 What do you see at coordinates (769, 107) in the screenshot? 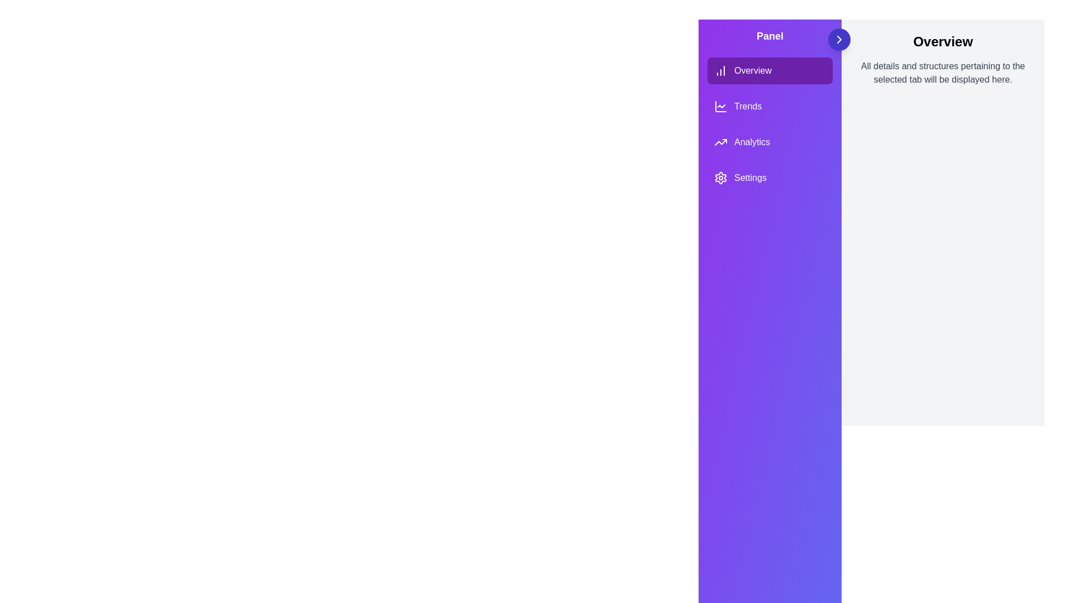
I see `the menu item labeled Trends to see its hover effect` at bounding box center [769, 107].